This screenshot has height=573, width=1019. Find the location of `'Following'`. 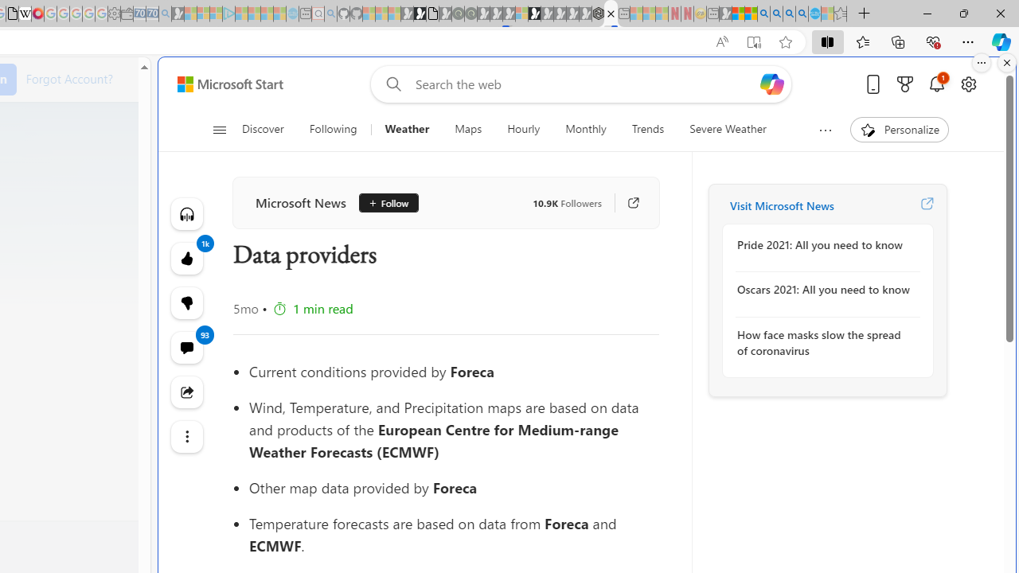

'Following' is located at coordinates (334, 129).